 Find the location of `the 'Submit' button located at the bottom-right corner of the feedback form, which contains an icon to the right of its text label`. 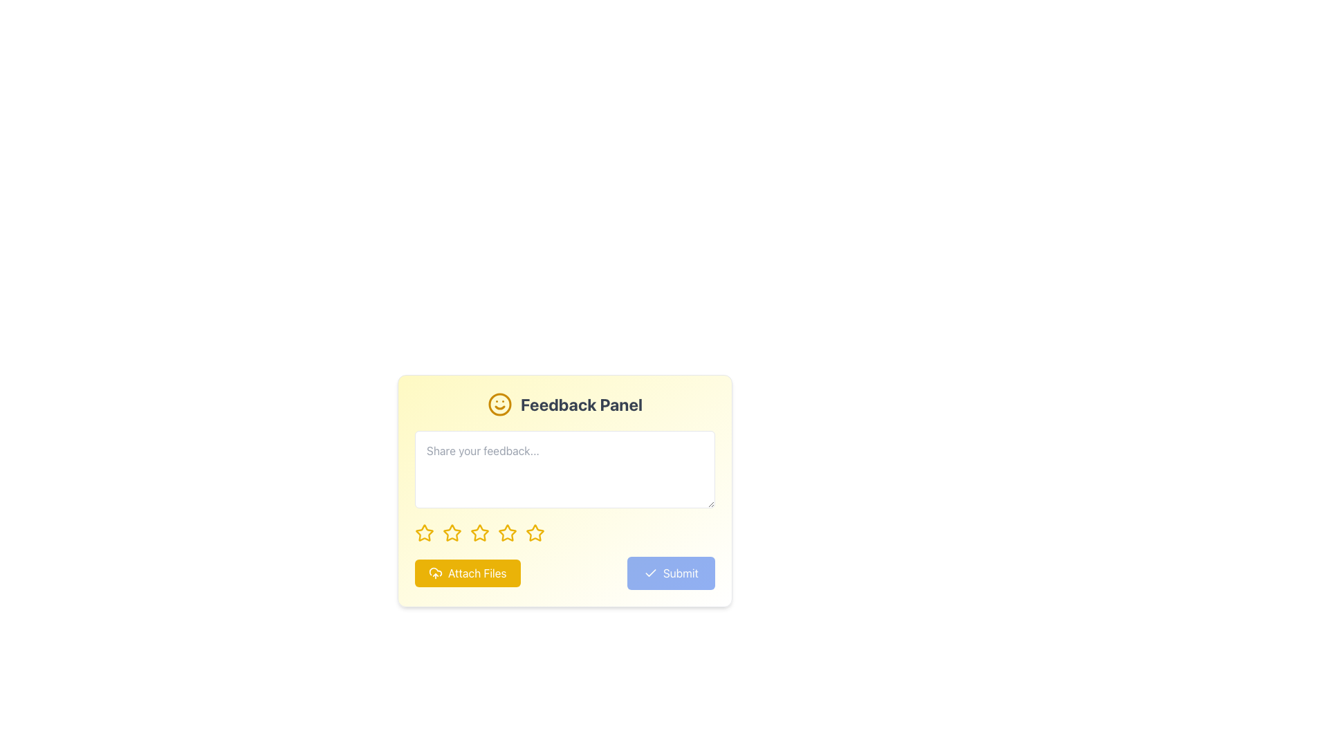

the 'Submit' button located at the bottom-right corner of the feedback form, which contains an icon to the right of its text label is located at coordinates (649, 573).